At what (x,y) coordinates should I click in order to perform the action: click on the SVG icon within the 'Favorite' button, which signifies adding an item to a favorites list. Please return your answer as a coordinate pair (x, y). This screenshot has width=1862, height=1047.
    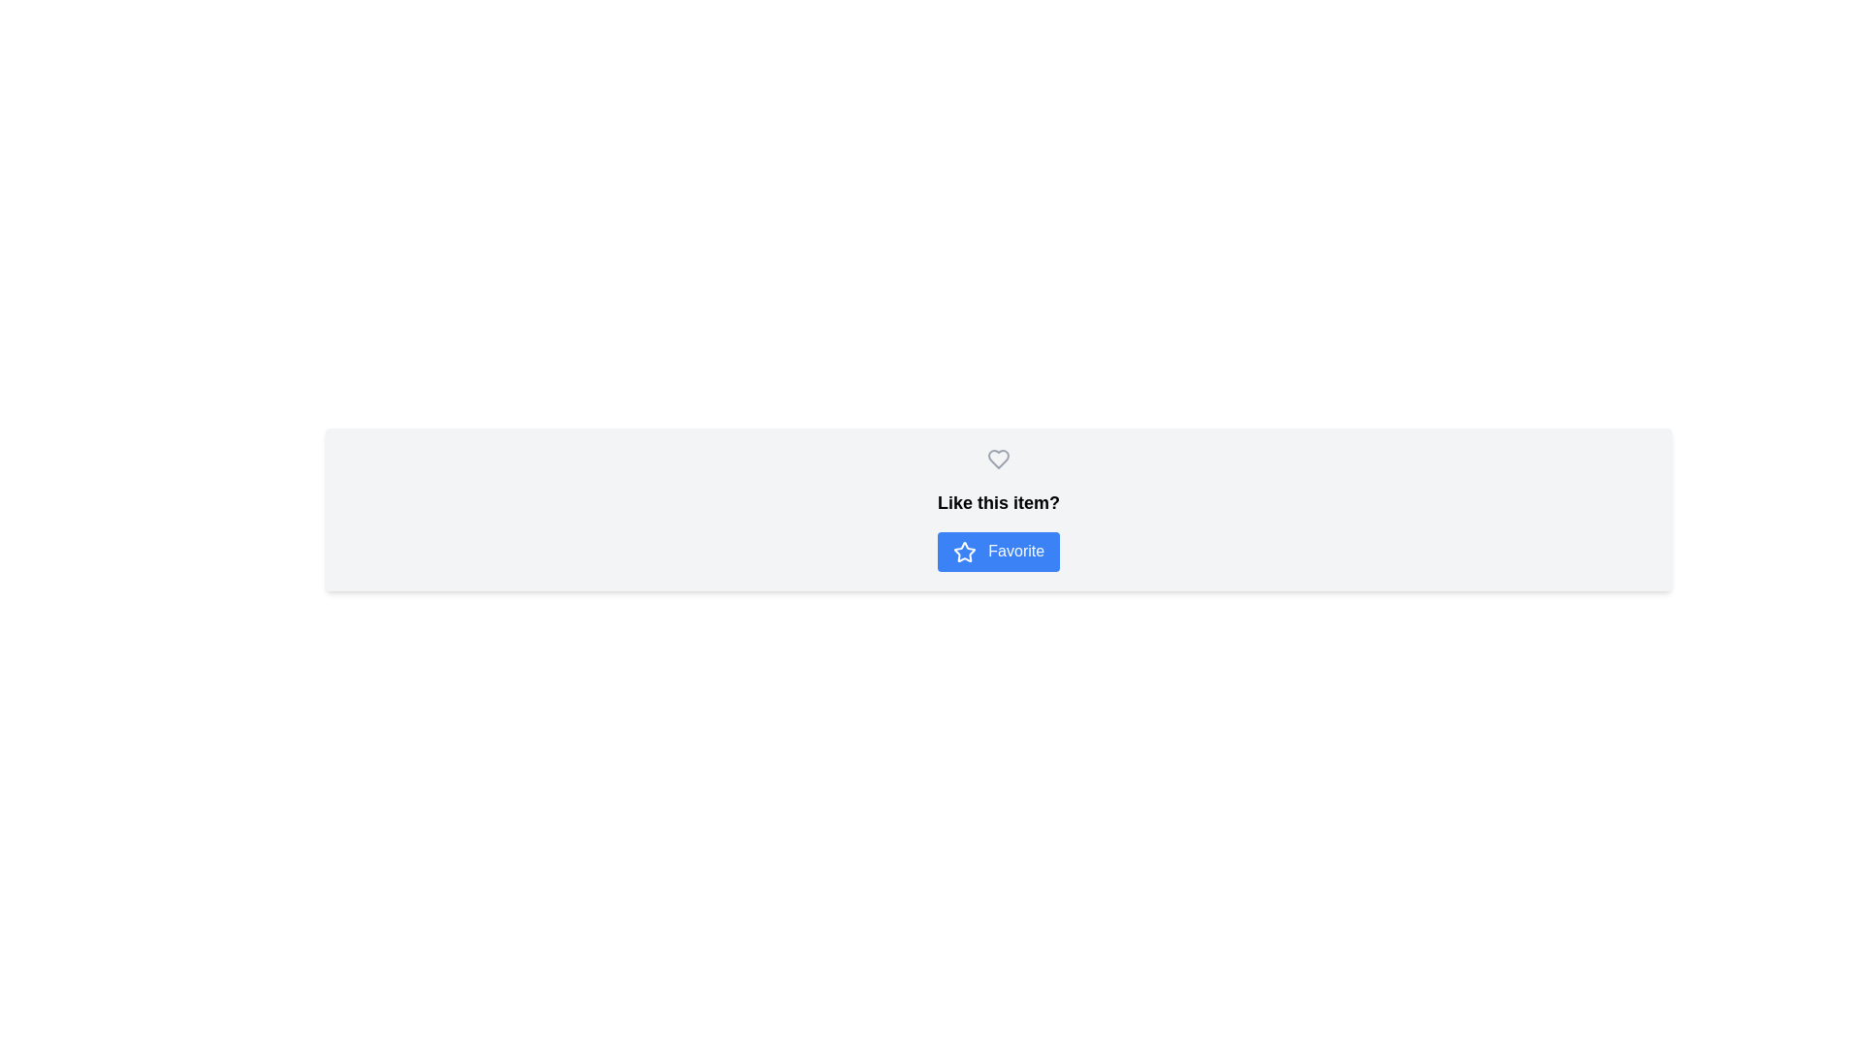
    Looking at the image, I should click on (964, 552).